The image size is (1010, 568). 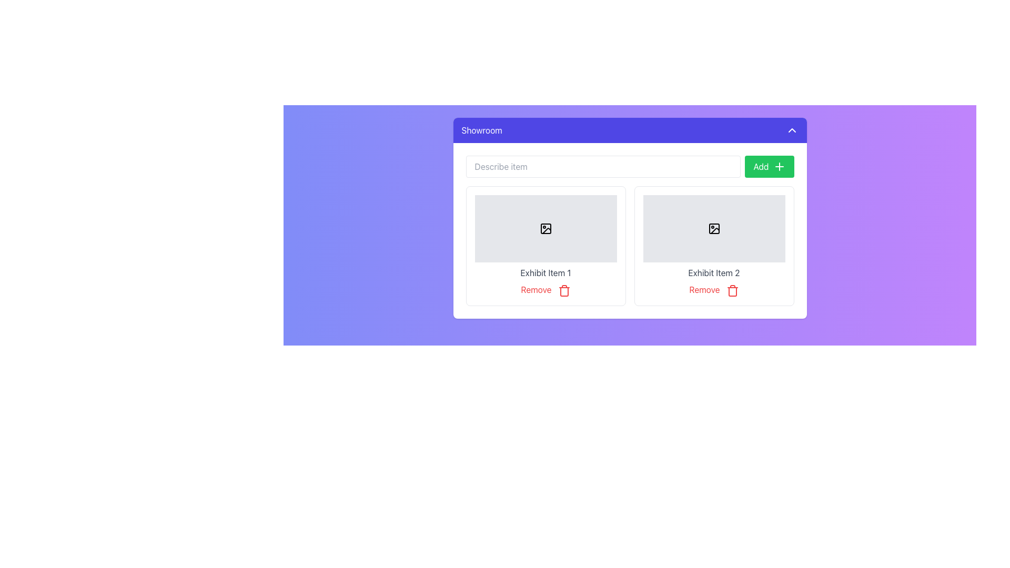 I want to click on the placeholder icon representing a missing or non-loaded image, located in the second column under the 'Exhibit Item 2' heading, so click(x=714, y=228).